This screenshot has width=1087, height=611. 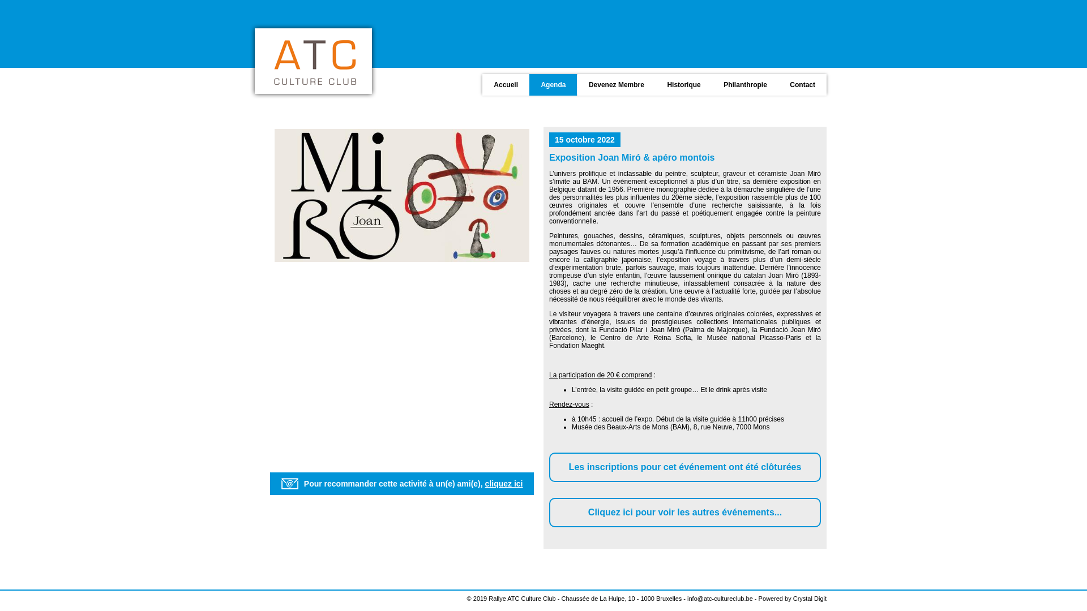 I want to click on 'Powered by Crystal Digit', so click(x=792, y=597).